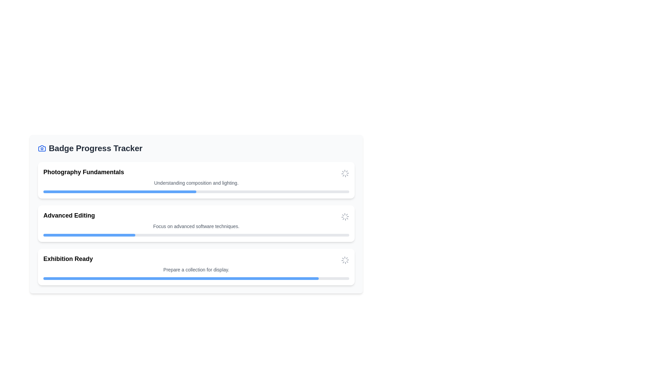  Describe the element at coordinates (69, 216) in the screenshot. I see `the 'Advanced Editing' label, which is styled with a bold font and is the second title in the progress tracker component, located between 'Photography Fundamentals' and 'Exhibition Ready'` at that location.